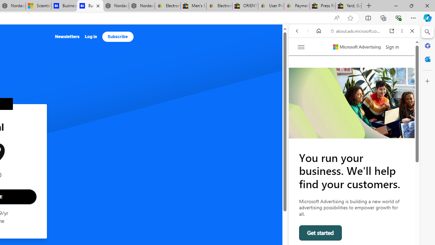 This screenshot has height=245, width=435. What do you see at coordinates (427, 32) in the screenshot?
I see `'Minimize Search pane'` at bounding box center [427, 32].